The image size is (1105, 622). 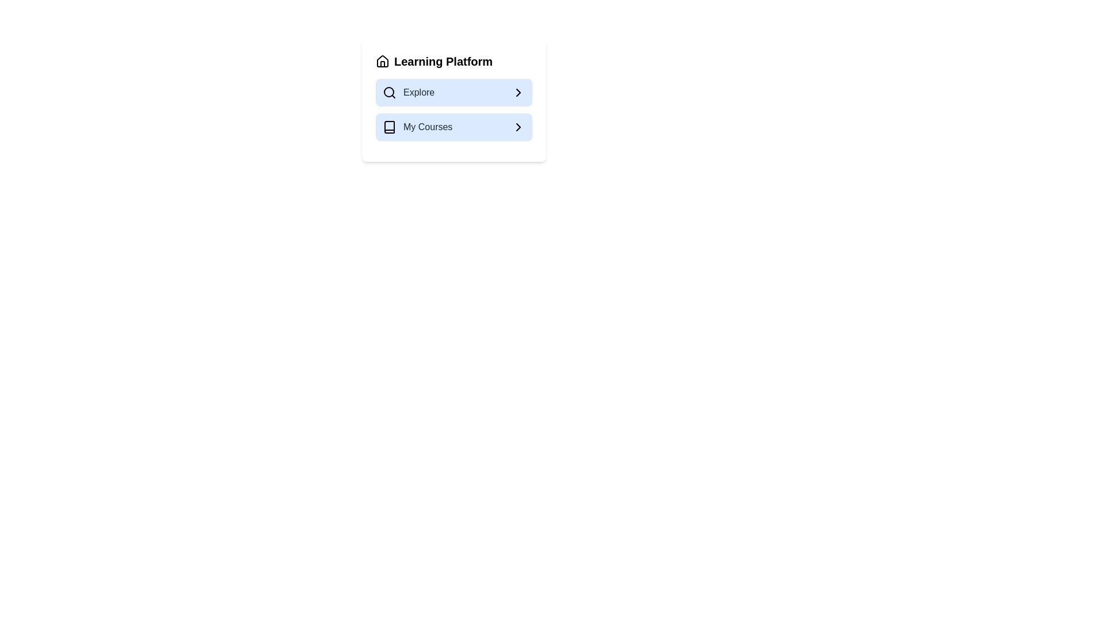 What do you see at coordinates (389, 127) in the screenshot?
I see `the central part of the book icon graphic located within the 'My Courses' button, which is the second option in the menu area` at bounding box center [389, 127].